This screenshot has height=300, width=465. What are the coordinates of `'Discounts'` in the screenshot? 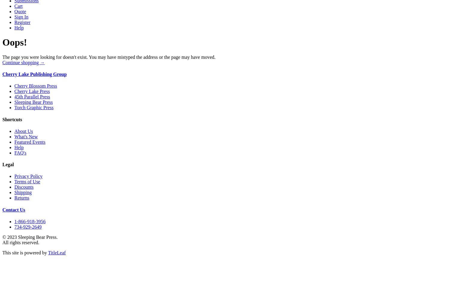 It's located at (14, 187).